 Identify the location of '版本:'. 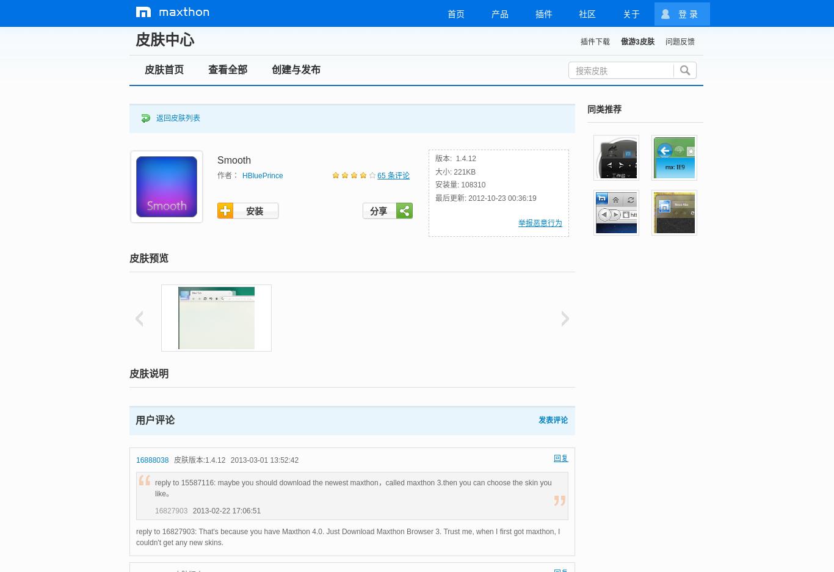
(435, 159).